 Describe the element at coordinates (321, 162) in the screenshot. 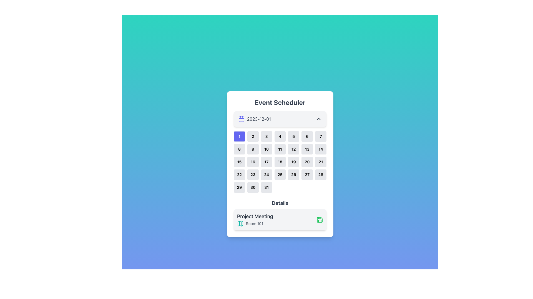

I see `the small rounded rectangular button labeled '21' in the lower part of the date-picker interface` at that location.